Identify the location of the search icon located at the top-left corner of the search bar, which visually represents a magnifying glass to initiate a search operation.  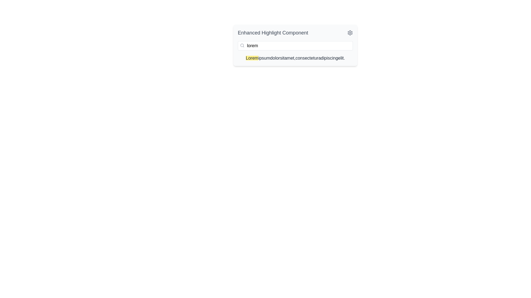
(242, 45).